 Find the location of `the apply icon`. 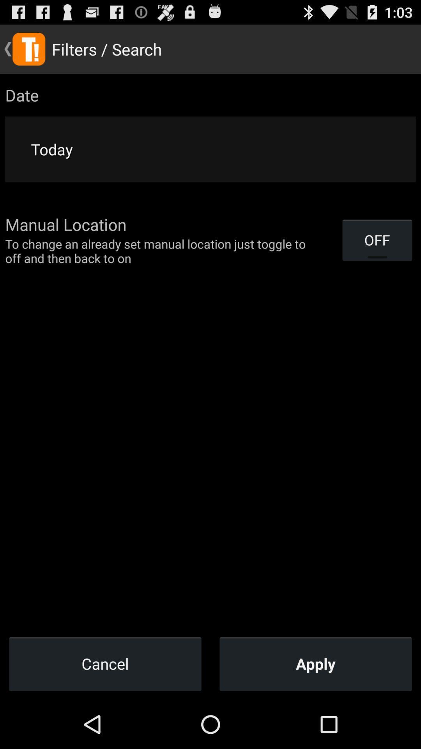

the apply icon is located at coordinates (316, 663).